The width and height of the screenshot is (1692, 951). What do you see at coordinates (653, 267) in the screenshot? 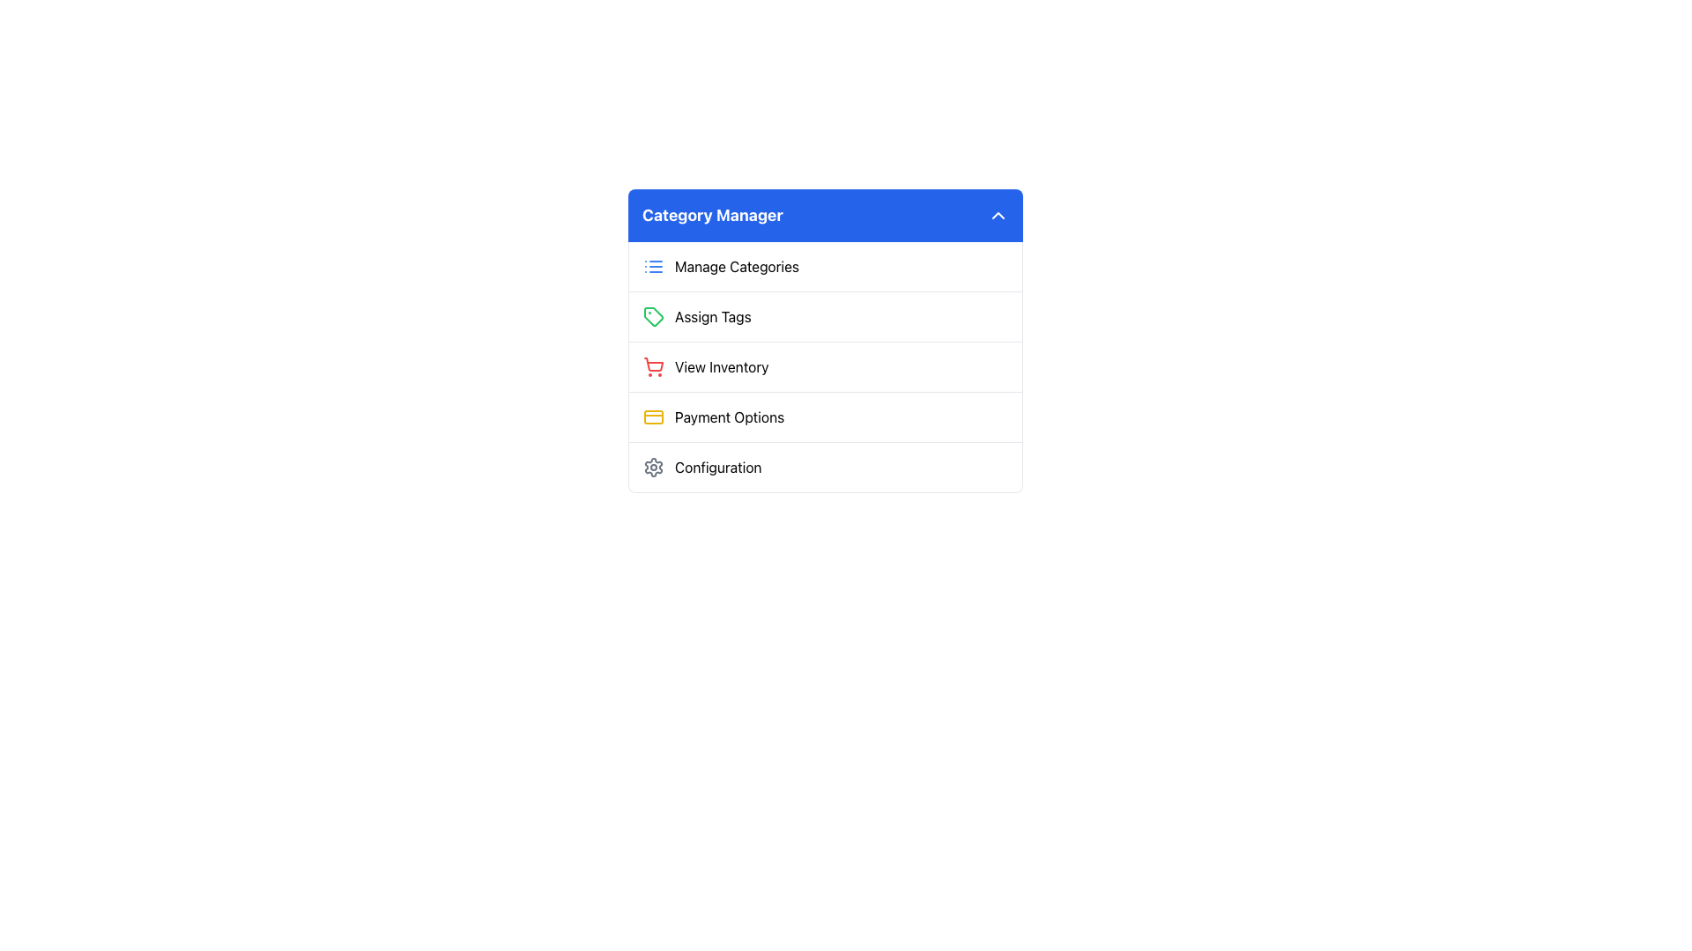
I see `the blue list icon located` at bounding box center [653, 267].